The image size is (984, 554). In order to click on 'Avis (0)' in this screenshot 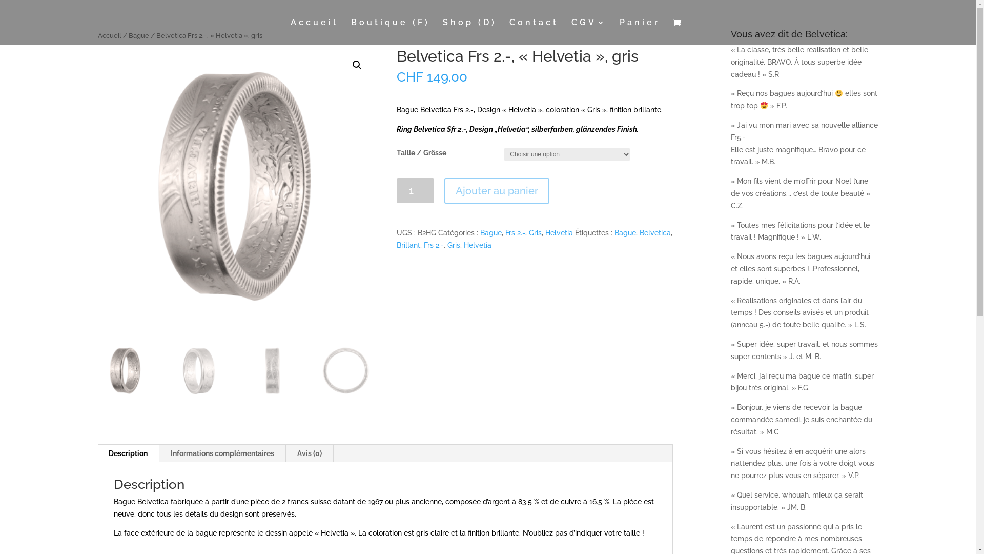, I will do `click(309, 452)`.